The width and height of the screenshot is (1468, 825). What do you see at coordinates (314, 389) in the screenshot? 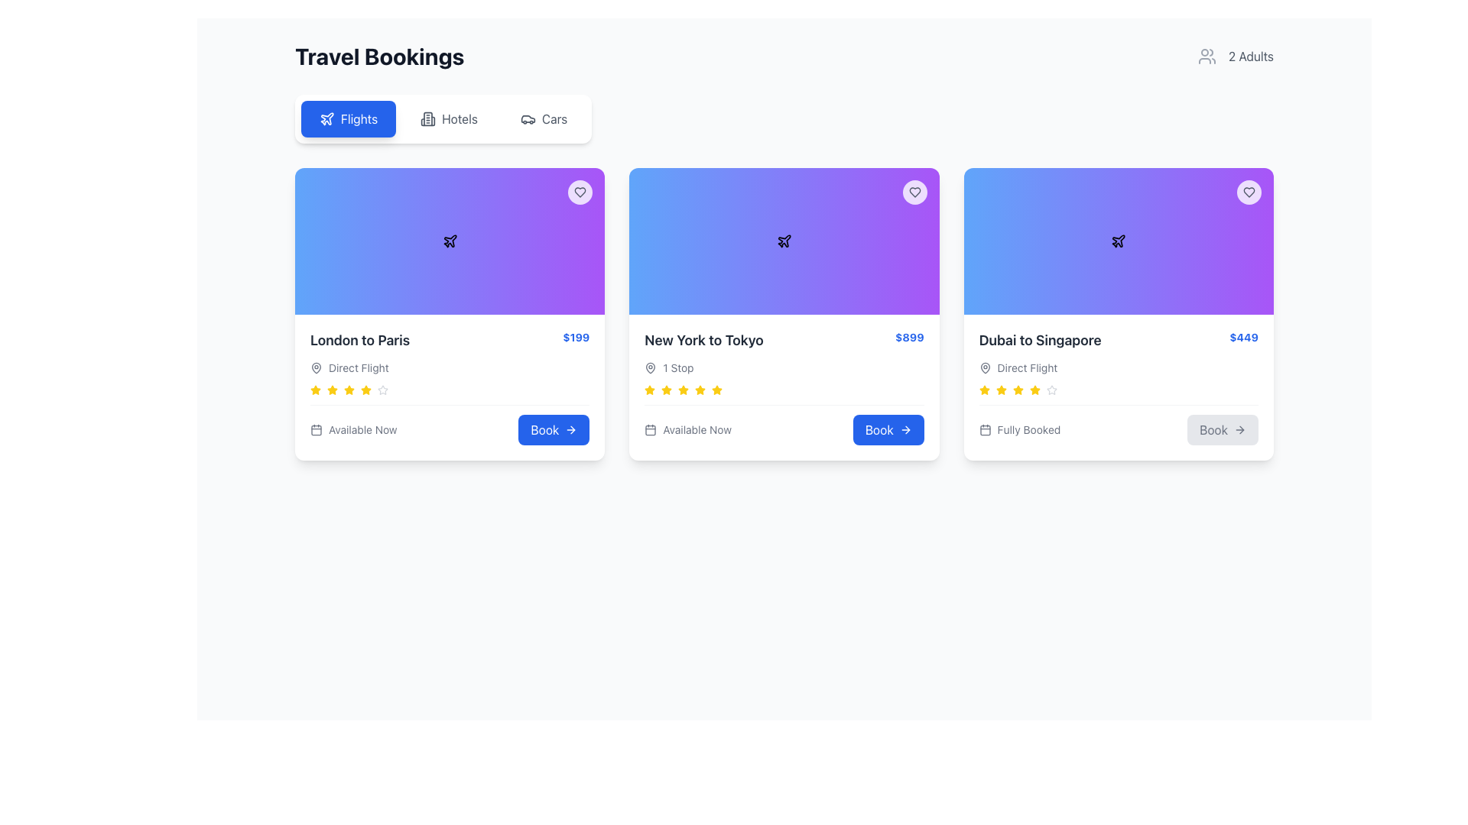
I see `the active star icon representing the rating value in the flight card for the trip from London to Paris, located underneath 'Direct Flight'` at bounding box center [314, 389].